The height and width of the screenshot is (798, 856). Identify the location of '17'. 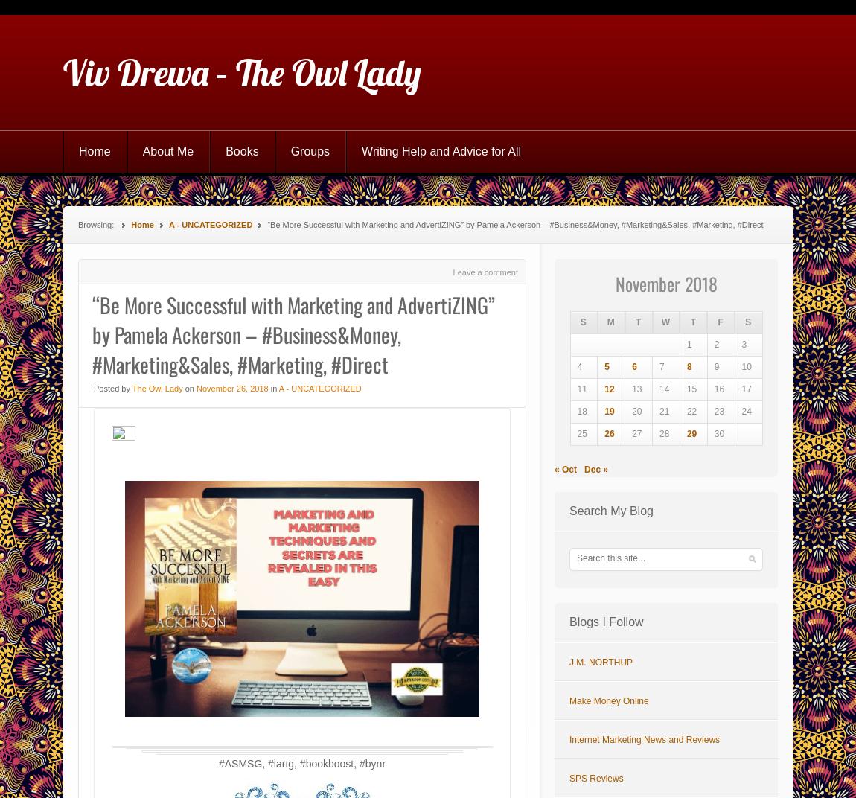
(746, 389).